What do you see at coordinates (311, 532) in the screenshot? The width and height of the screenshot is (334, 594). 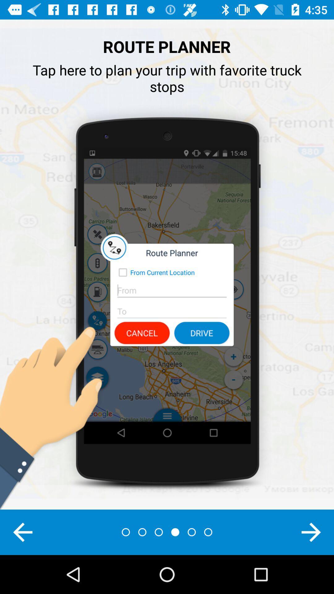 I see `the arrow_forward icon` at bounding box center [311, 532].